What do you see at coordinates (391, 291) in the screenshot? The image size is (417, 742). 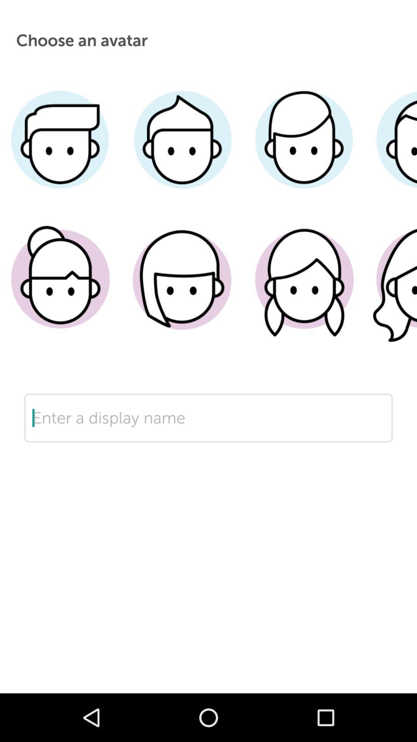 I see `choose this female avatar` at bounding box center [391, 291].